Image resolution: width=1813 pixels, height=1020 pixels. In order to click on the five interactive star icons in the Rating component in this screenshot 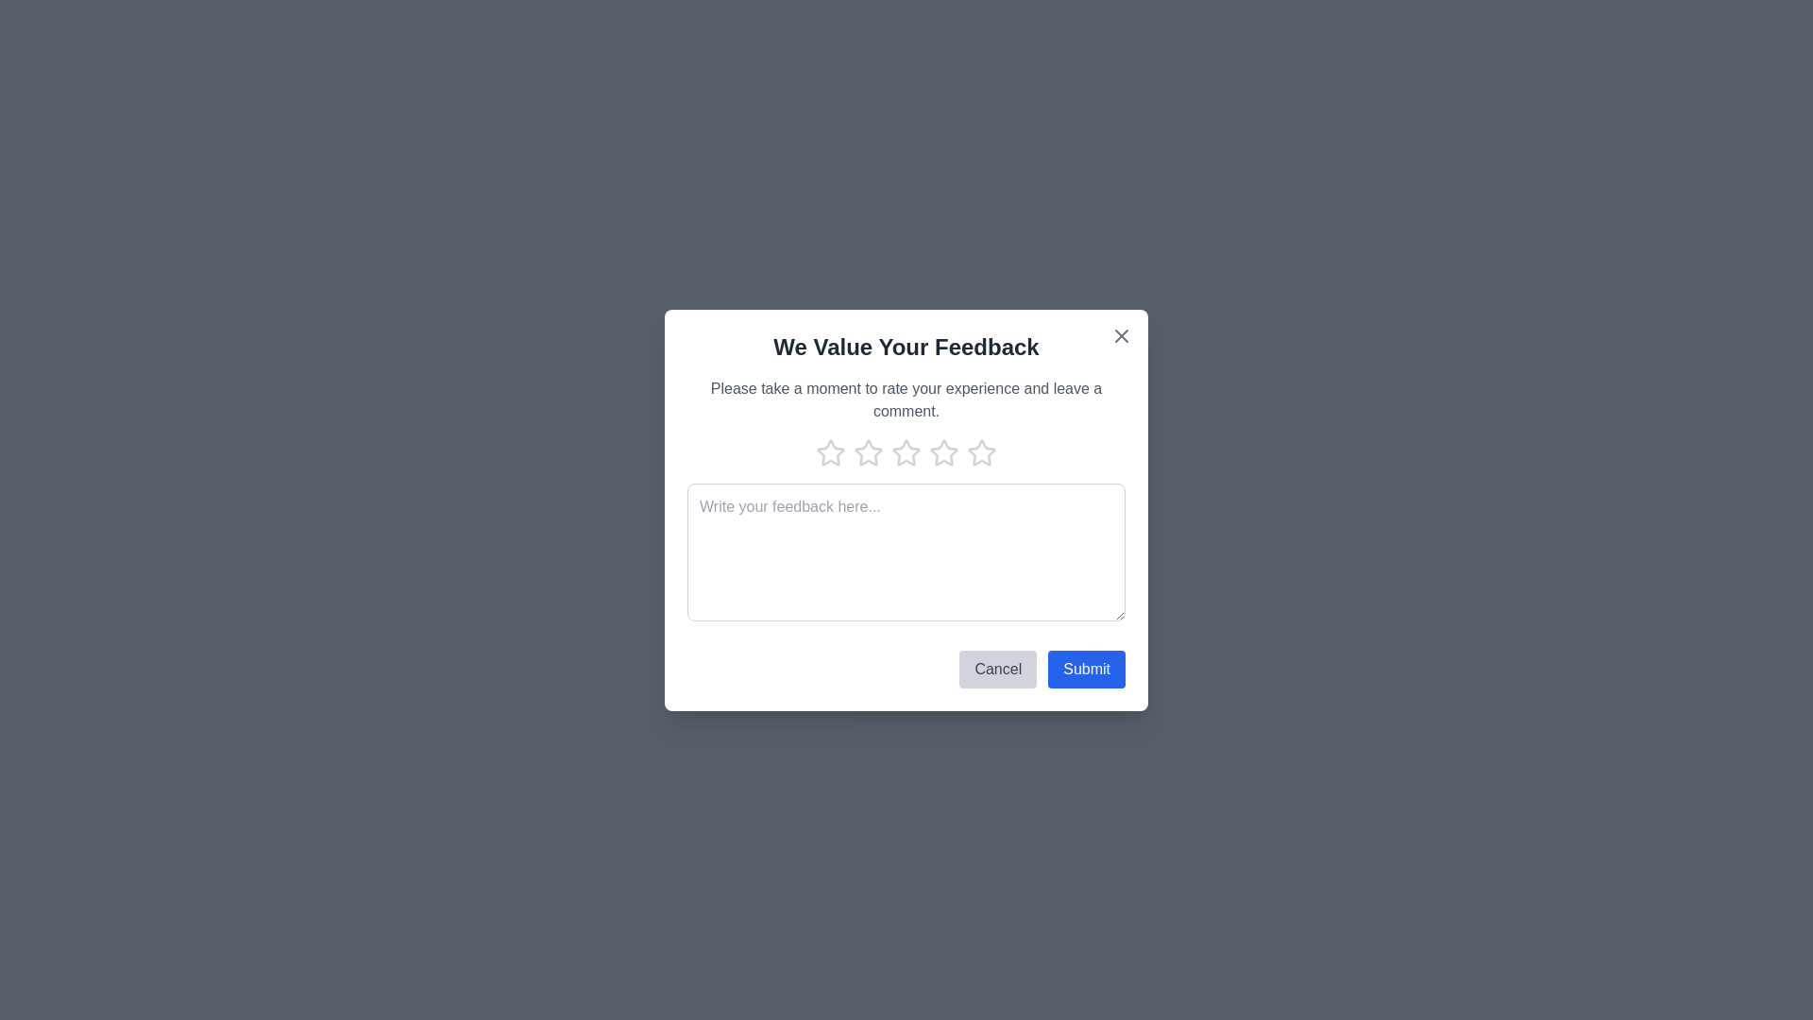, I will do `click(906, 451)`.